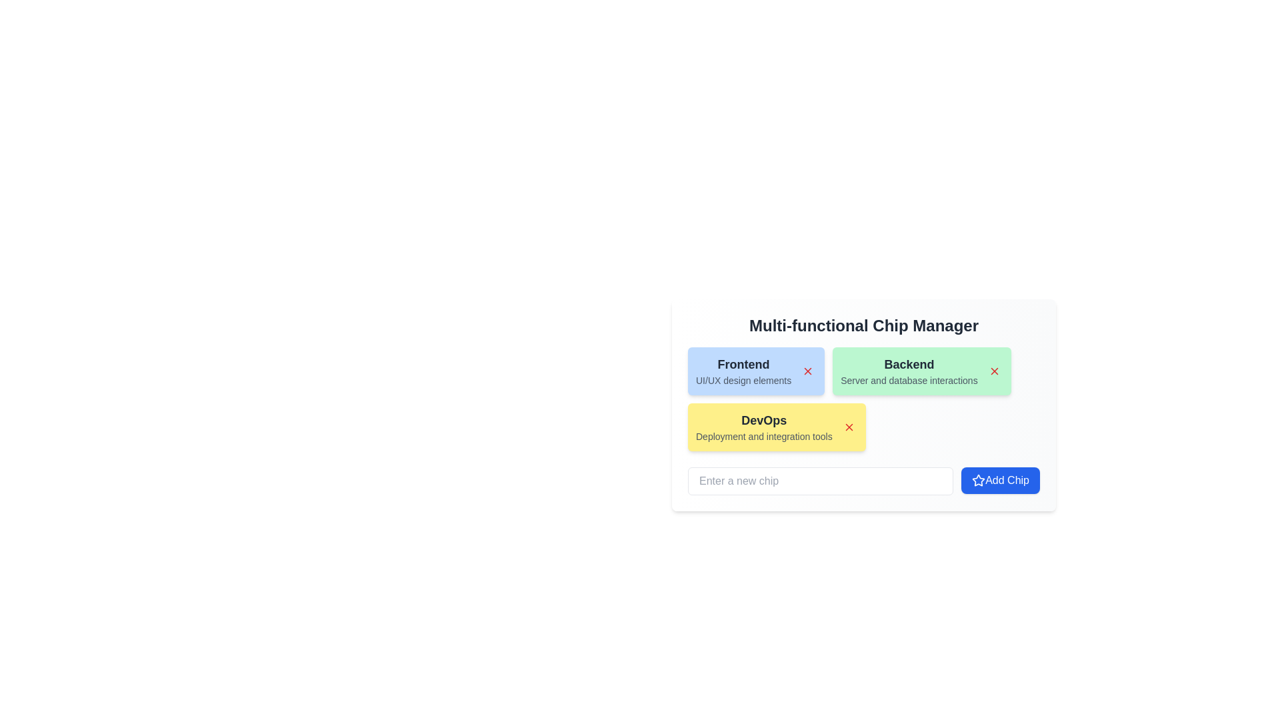 The width and height of the screenshot is (1280, 720). Describe the element at coordinates (807, 371) in the screenshot. I see `the delete button located at the top-right corner of the 'Frontend' card in the 'Multi-functional Chip Manager' layout to potentially display tooltip or highlight effects` at that location.